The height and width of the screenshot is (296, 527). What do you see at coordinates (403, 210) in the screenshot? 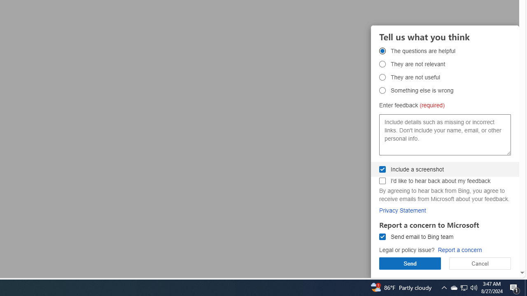
I see `'Privacy Statement'` at bounding box center [403, 210].